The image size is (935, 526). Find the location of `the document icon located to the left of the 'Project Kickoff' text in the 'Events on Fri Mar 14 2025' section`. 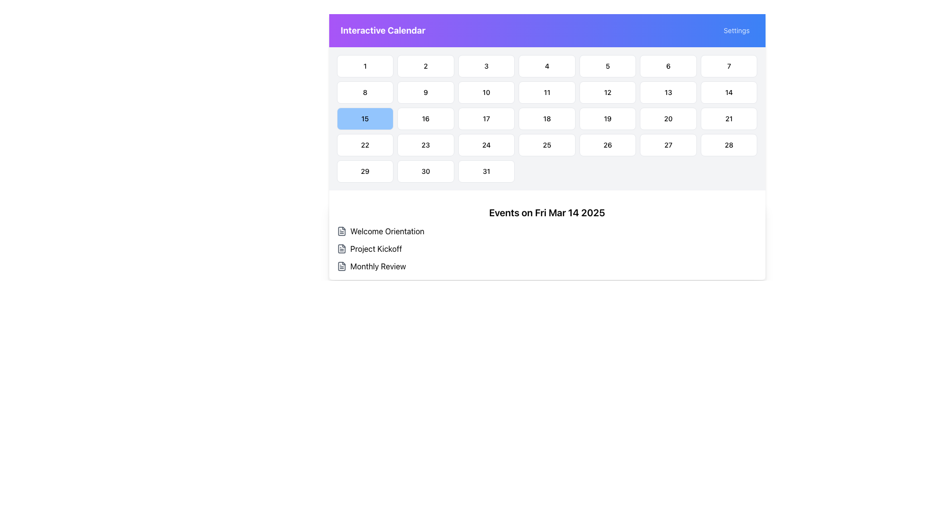

the document icon located to the left of the 'Project Kickoff' text in the 'Events on Fri Mar 14 2025' section is located at coordinates (341, 248).